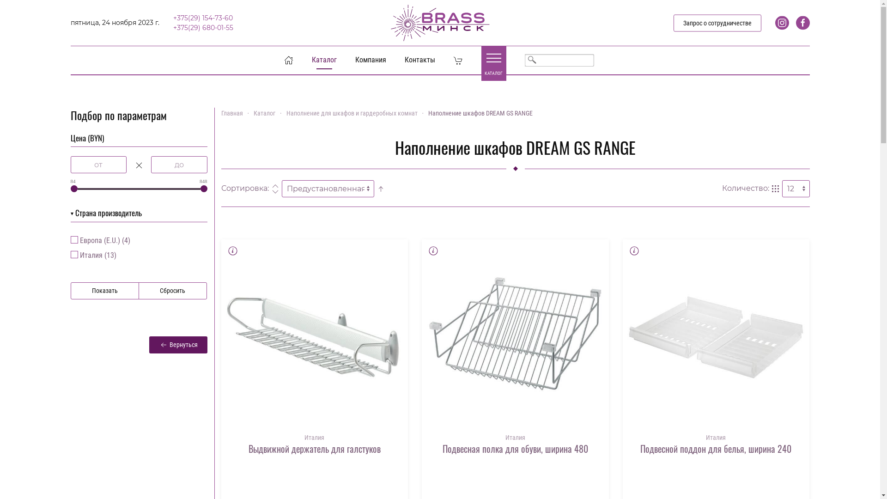 The width and height of the screenshot is (887, 499). I want to click on '+375(29) 154-73-60', so click(202, 18).